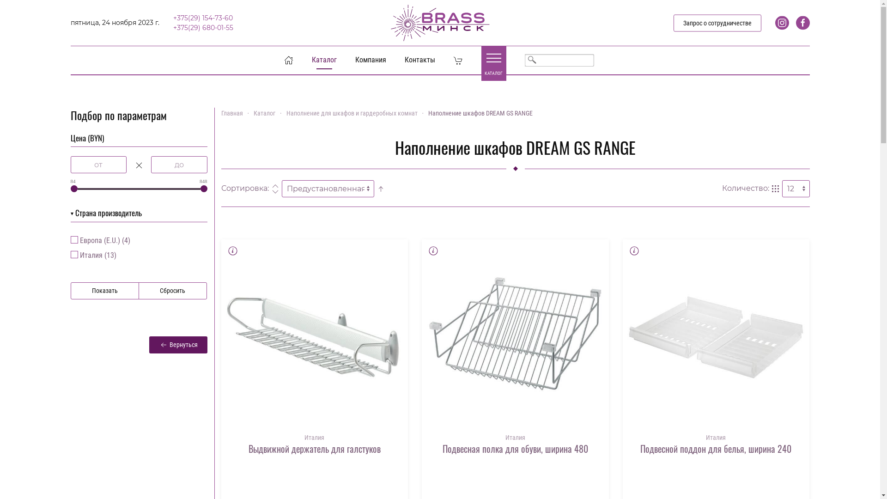 The width and height of the screenshot is (887, 499). I want to click on '+375(29) 154-73-60', so click(202, 18).